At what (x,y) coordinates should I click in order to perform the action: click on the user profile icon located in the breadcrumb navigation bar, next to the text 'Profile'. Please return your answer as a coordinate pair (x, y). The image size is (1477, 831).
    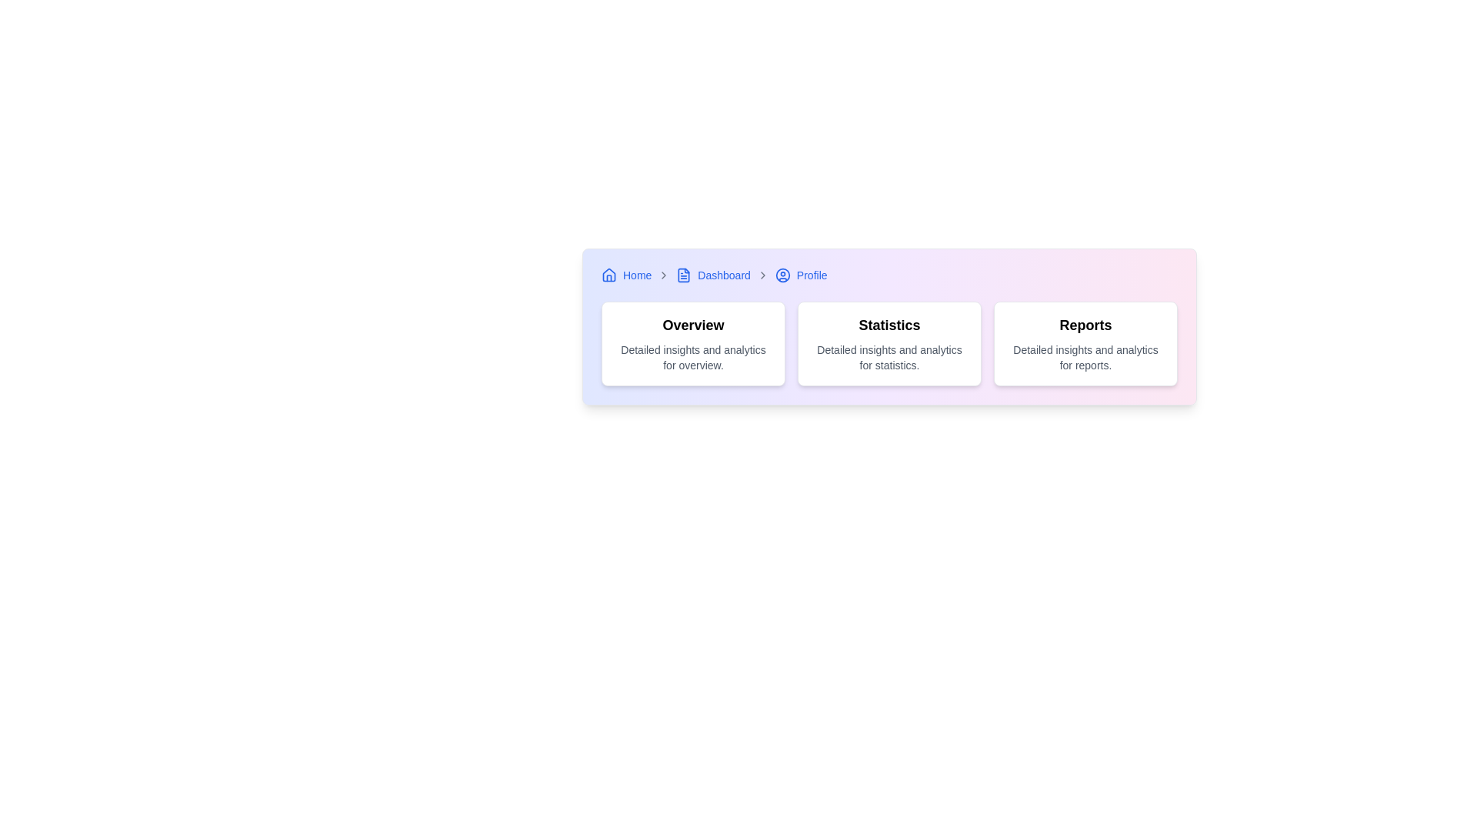
    Looking at the image, I should click on (782, 275).